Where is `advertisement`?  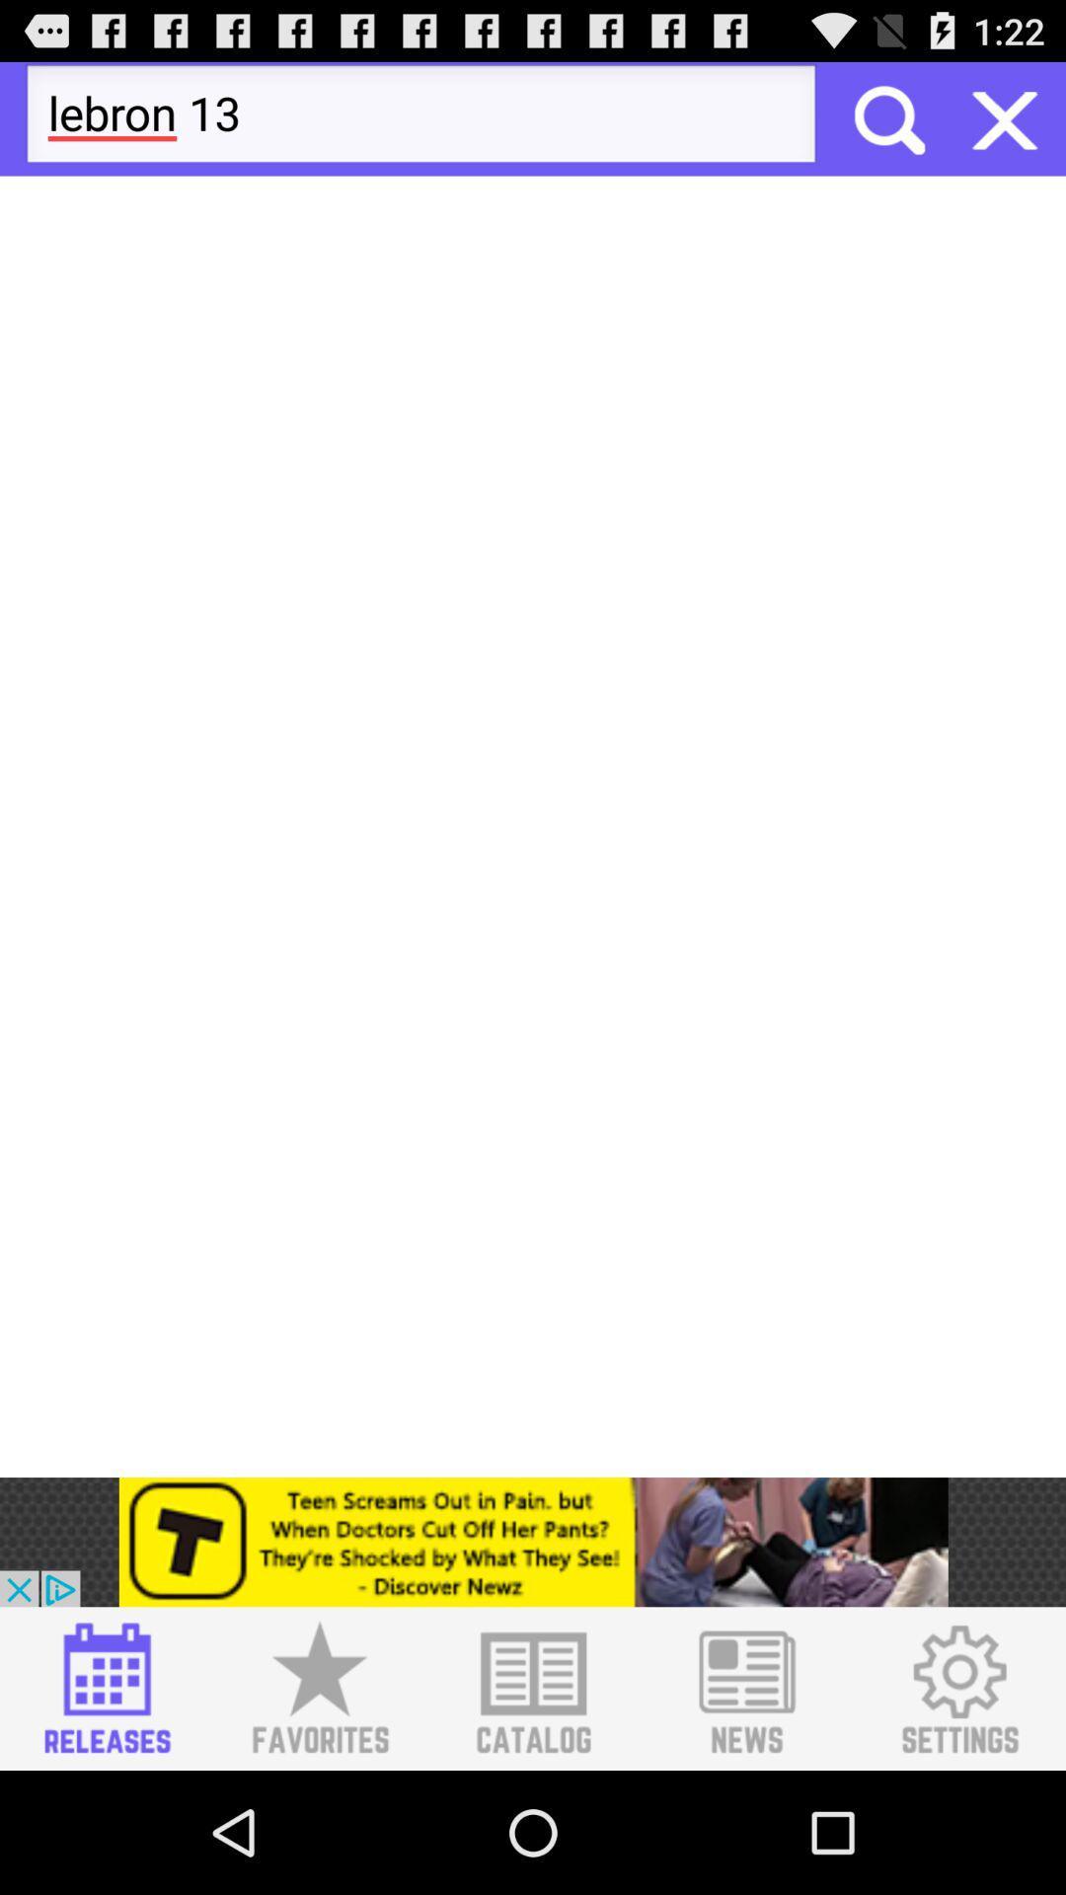 advertisement is located at coordinates (533, 1688).